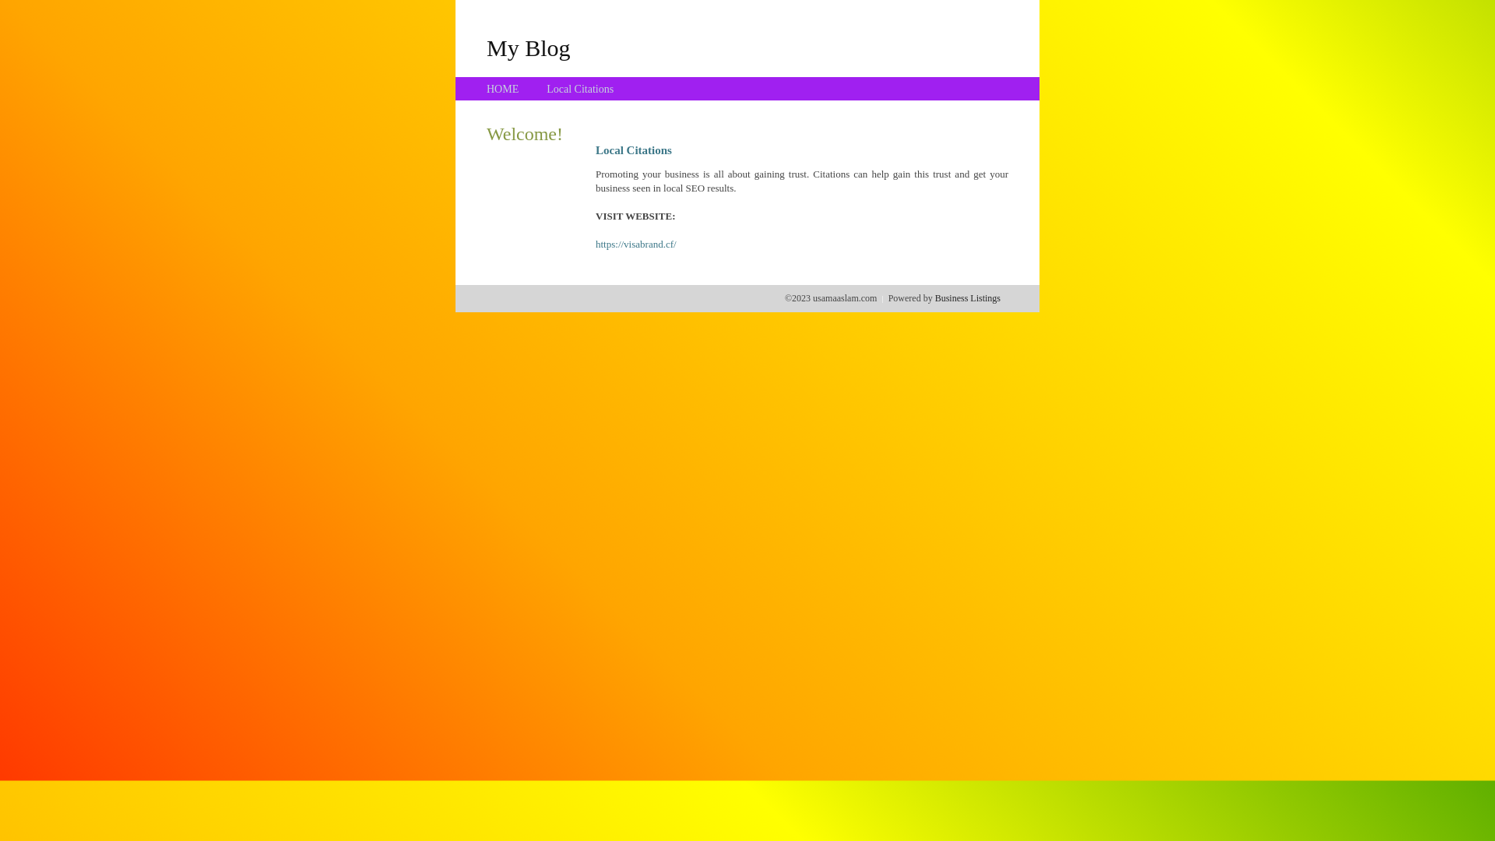 This screenshot has height=841, width=1495. What do you see at coordinates (967, 297) in the screenshot?
I see `'Business Listings'` at bounding box center [967, 297].